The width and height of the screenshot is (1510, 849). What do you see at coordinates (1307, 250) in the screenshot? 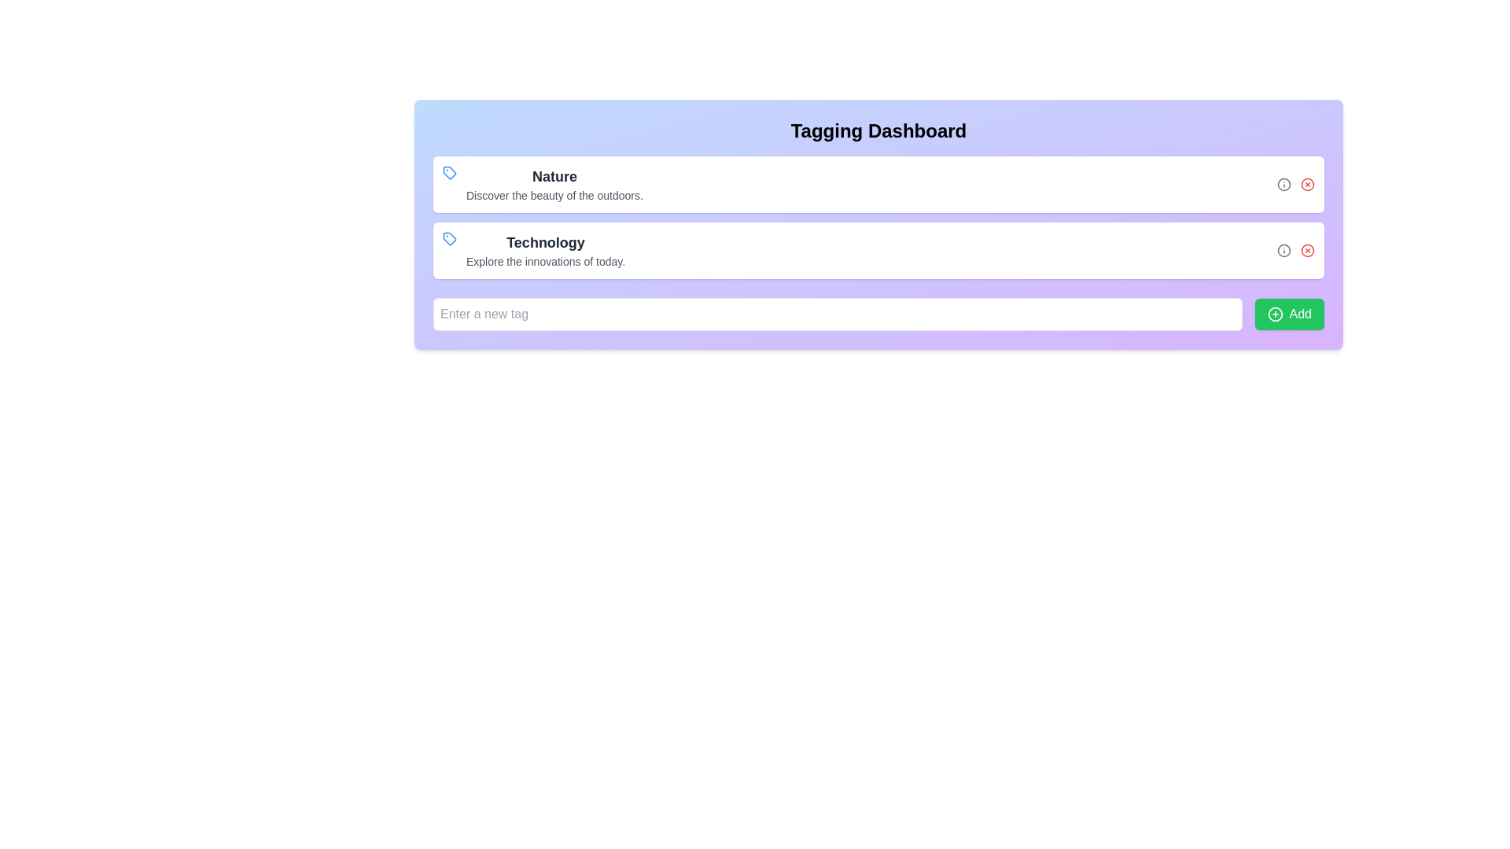
I see `the graphic element, a circle within an icon, located to the right of the 'Technology' list item` at bounding box center [1307, 250].